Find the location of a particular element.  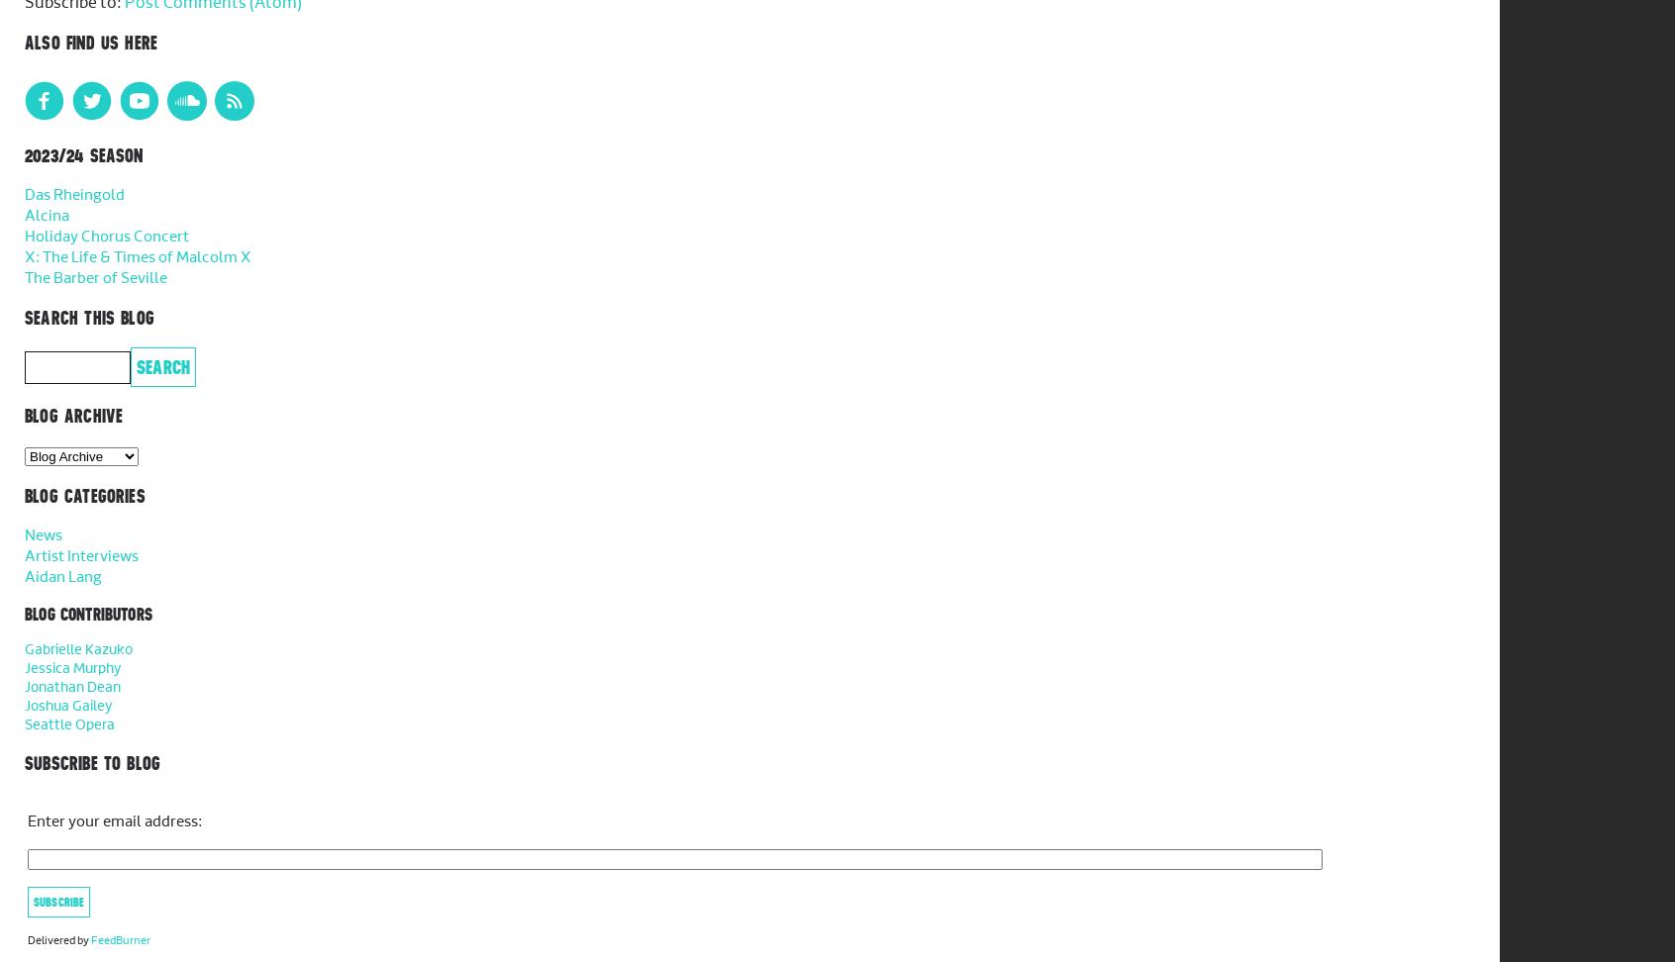

'X: The Life & Times of Malcolm X' is located at coordinates (24, 257).